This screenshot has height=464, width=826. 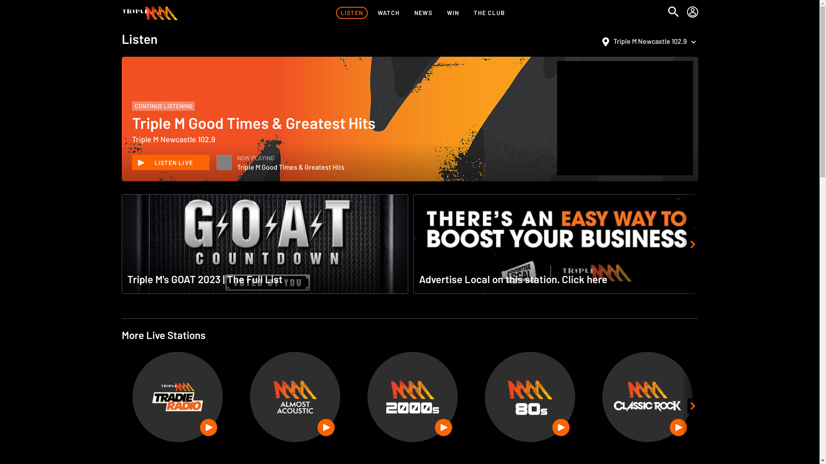 I want to click on 'Triple M Tradie Radio', so click(x=141, y=397).